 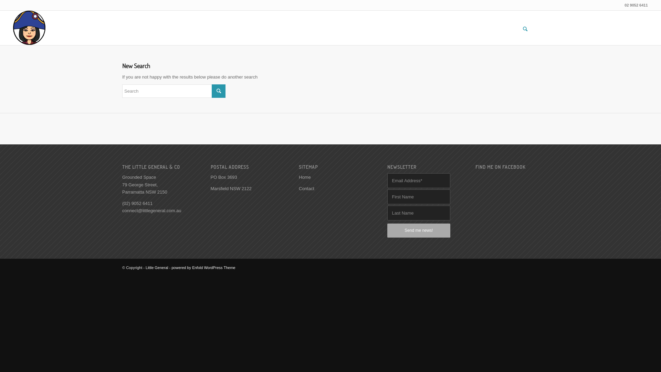 I want to click on 'Services', so click(x=591, y=17).